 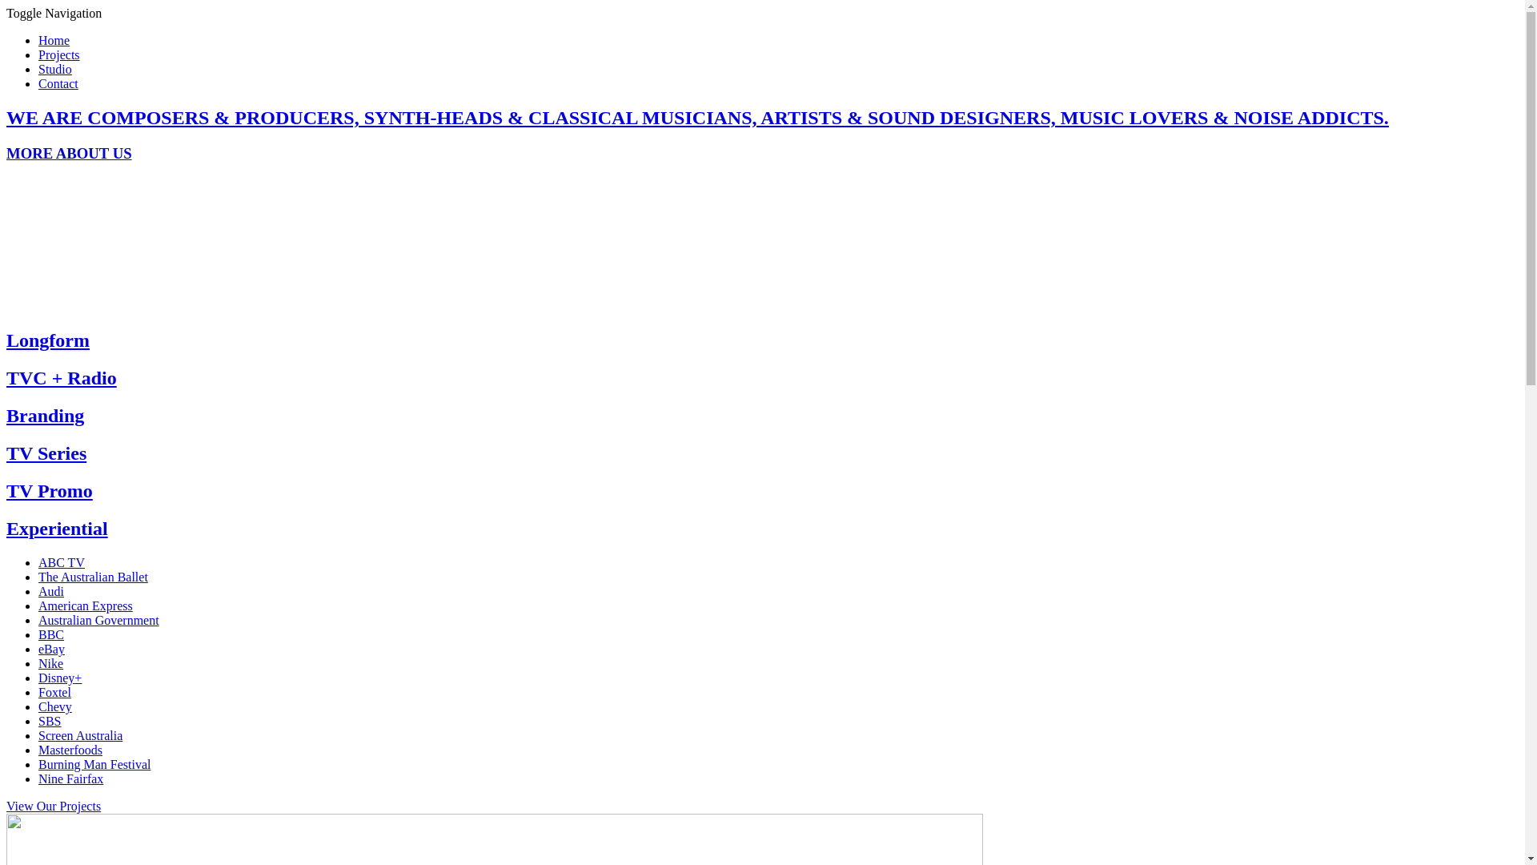 What do you see at coordinates (38, 634) in the screenshot?
I see `'BBC'` at bounding box center [38, 634].